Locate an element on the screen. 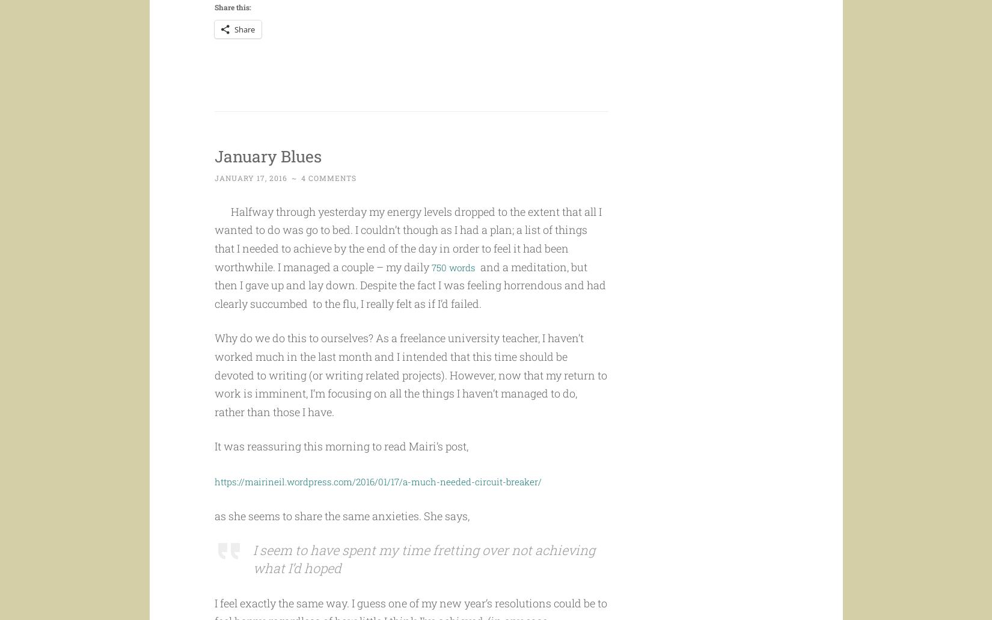  '~' is located at coordinates (294, 200).